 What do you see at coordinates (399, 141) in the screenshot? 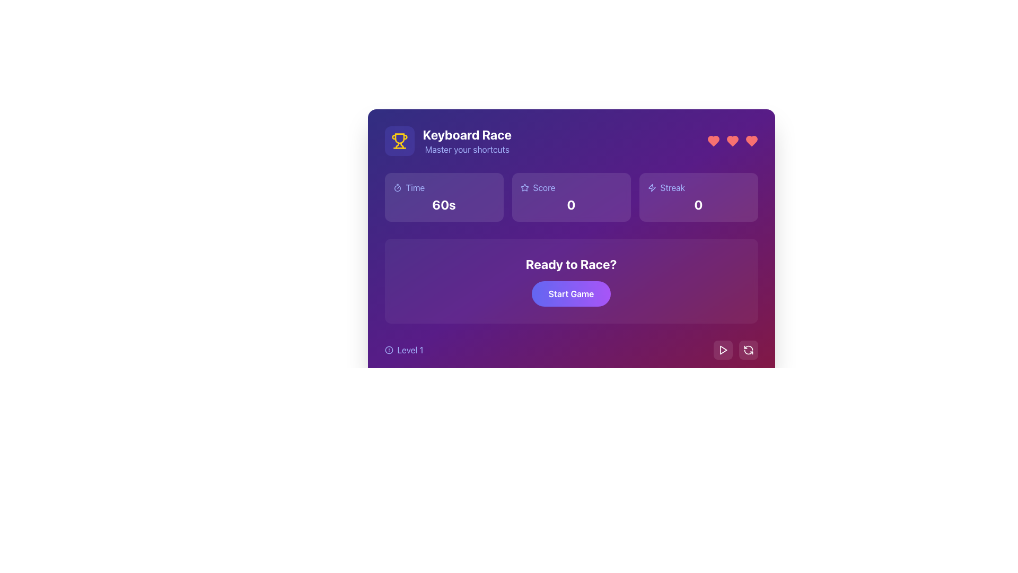
I see `the yellow trophy icon with a rounded base and handles, positioned on a dark purple background, located at the top-left corner of the main section next to the 'Keyboard Race' title` at bounding box center [399, 141].